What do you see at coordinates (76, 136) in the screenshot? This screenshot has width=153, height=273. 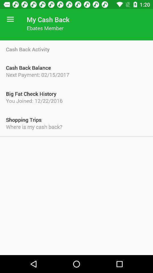 I see `item below the where is my icon` at bounding box center [76, 136].